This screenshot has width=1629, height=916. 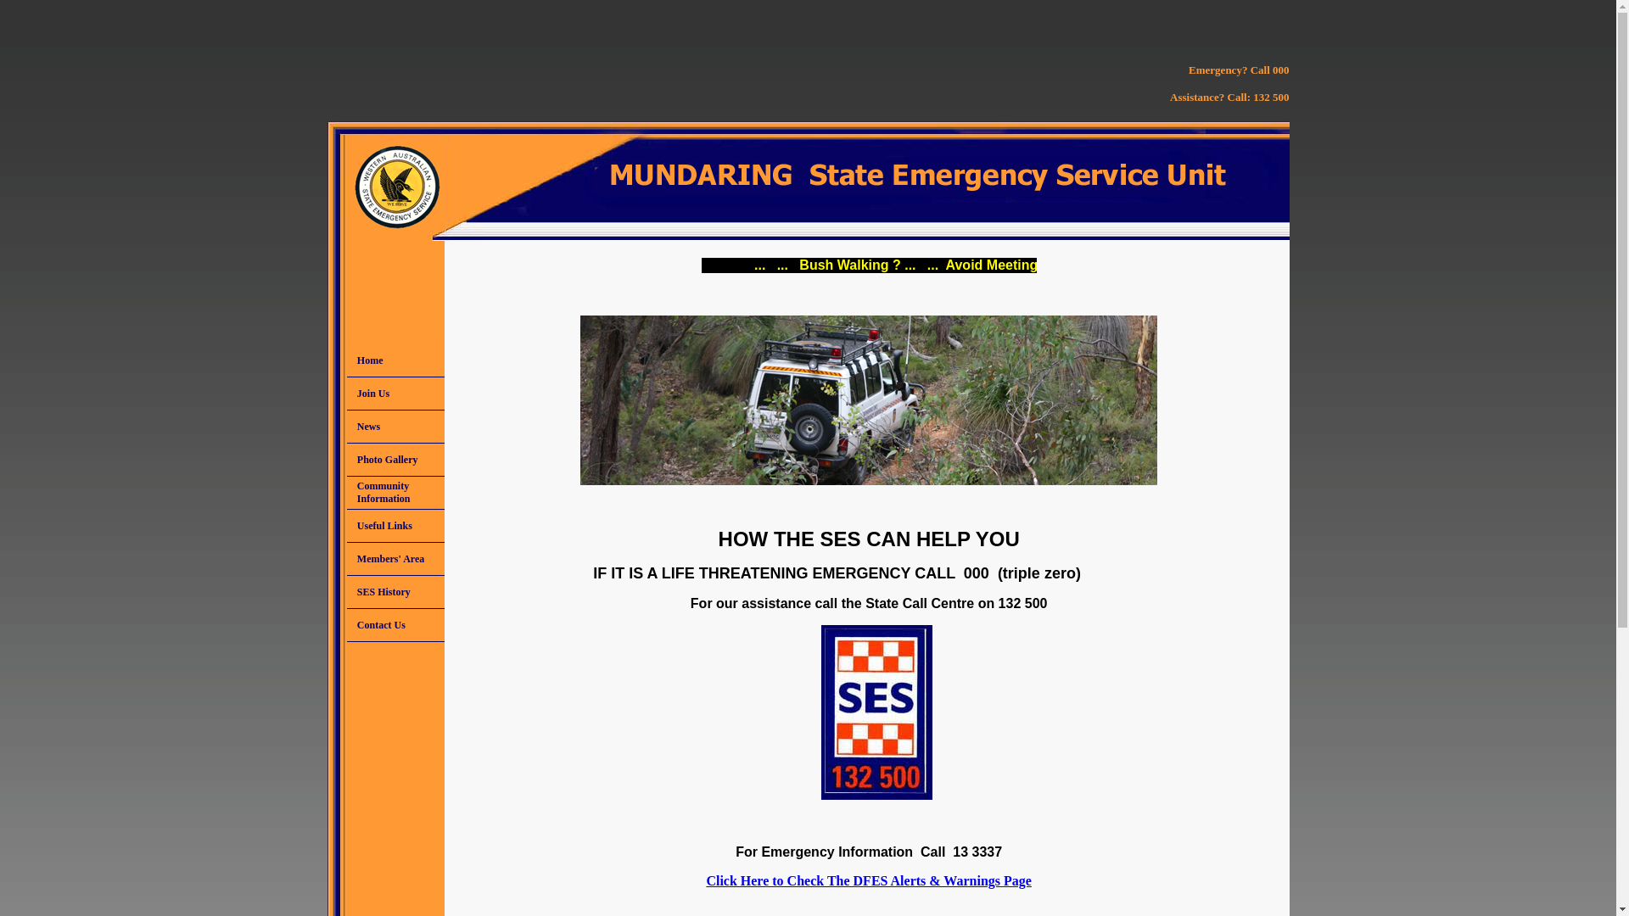 I want to click on 'Members' Area', so click(x=395, y=559).